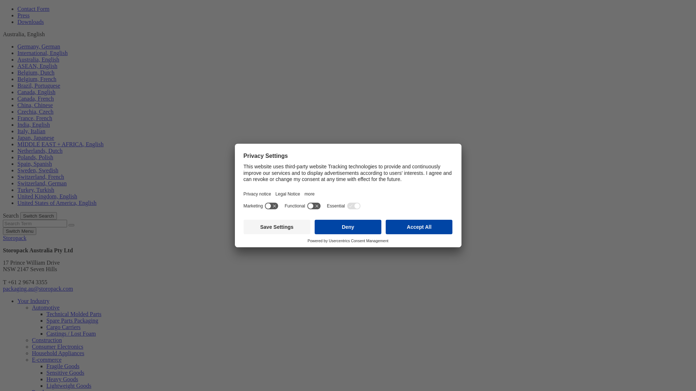  What do you see at coordinates (38, 85) in the screenshot?
I see `'Brazil, Portuguese'` at bounding box center [38, 85].